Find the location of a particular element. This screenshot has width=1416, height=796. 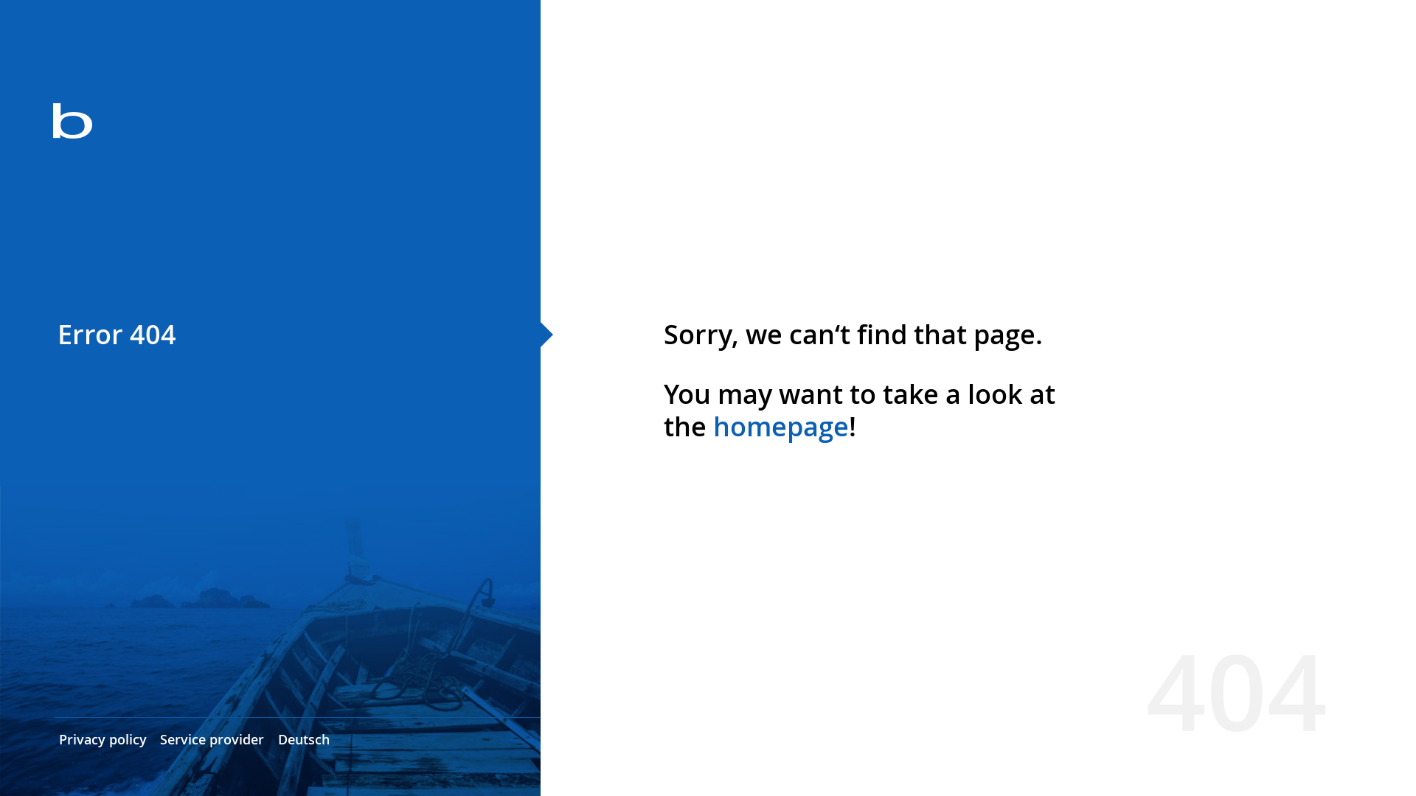

'Deutsch' is located at coordinates (303, 739).